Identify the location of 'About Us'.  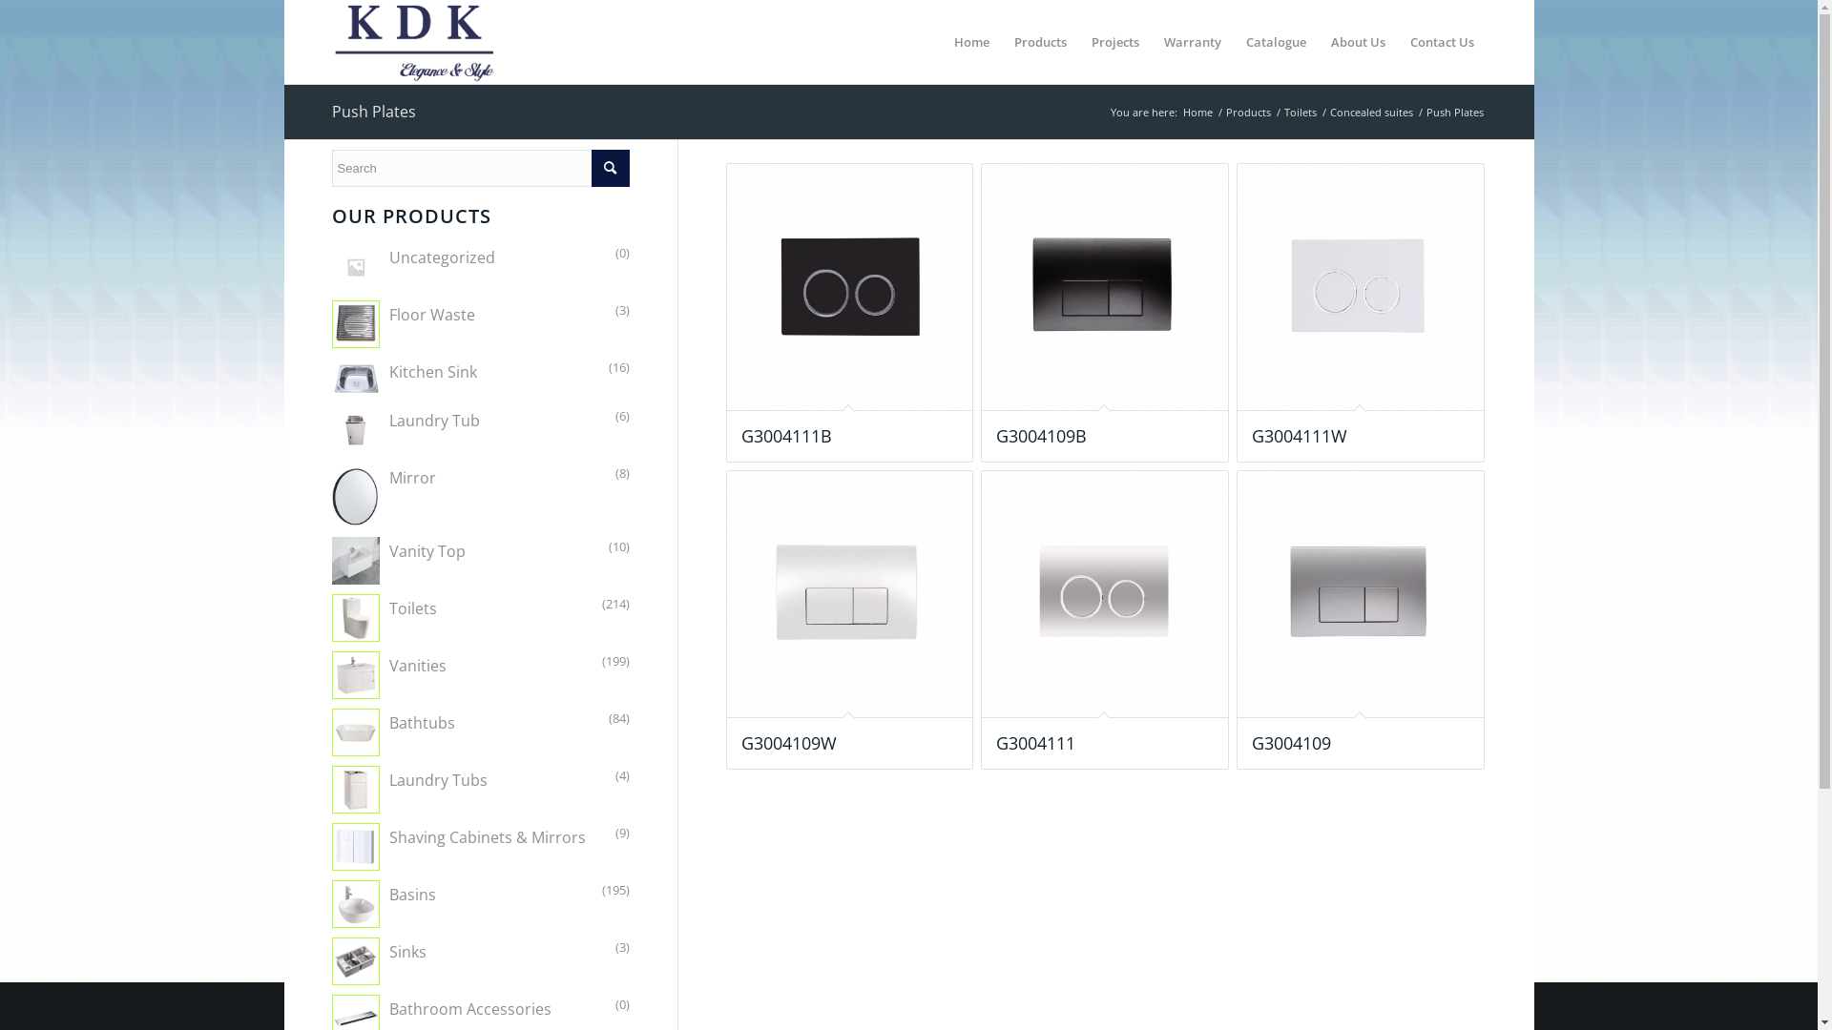
(1318, 41).